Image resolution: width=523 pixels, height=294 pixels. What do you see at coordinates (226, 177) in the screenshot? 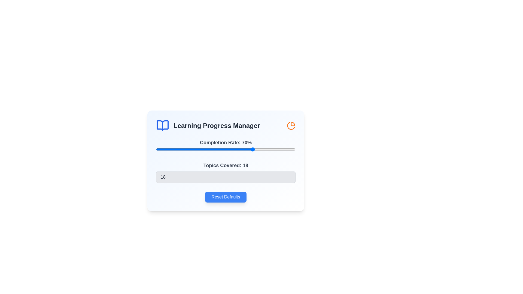
I see `the number of topics covered to 48 by entering the value in the input box` at bounding box center [226, 177].